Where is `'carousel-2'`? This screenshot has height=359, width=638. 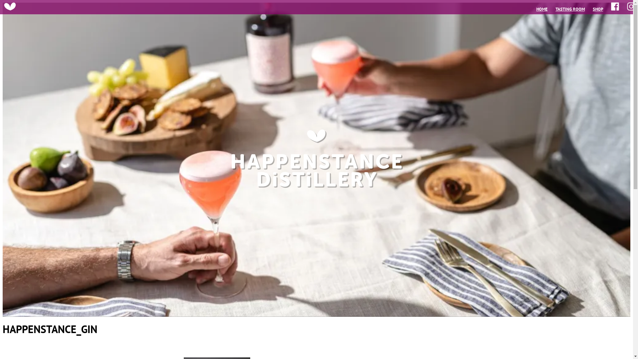
'carousel-2' is located at coordinates (316, 160).